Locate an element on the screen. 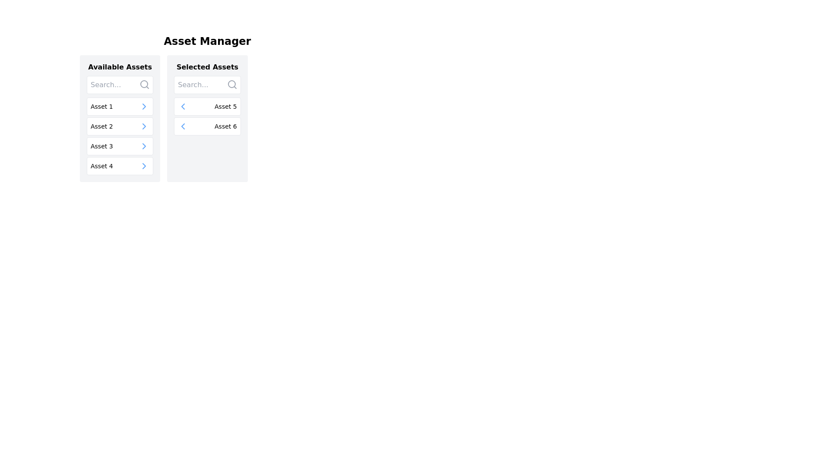 The image size is (829, 466). the navigation or selection indicator icon located in the 'Selected Assets' column of the 'Asset Manager' interface, positioned above the 'Asset 5' list item is located at coordinates (183, 126).